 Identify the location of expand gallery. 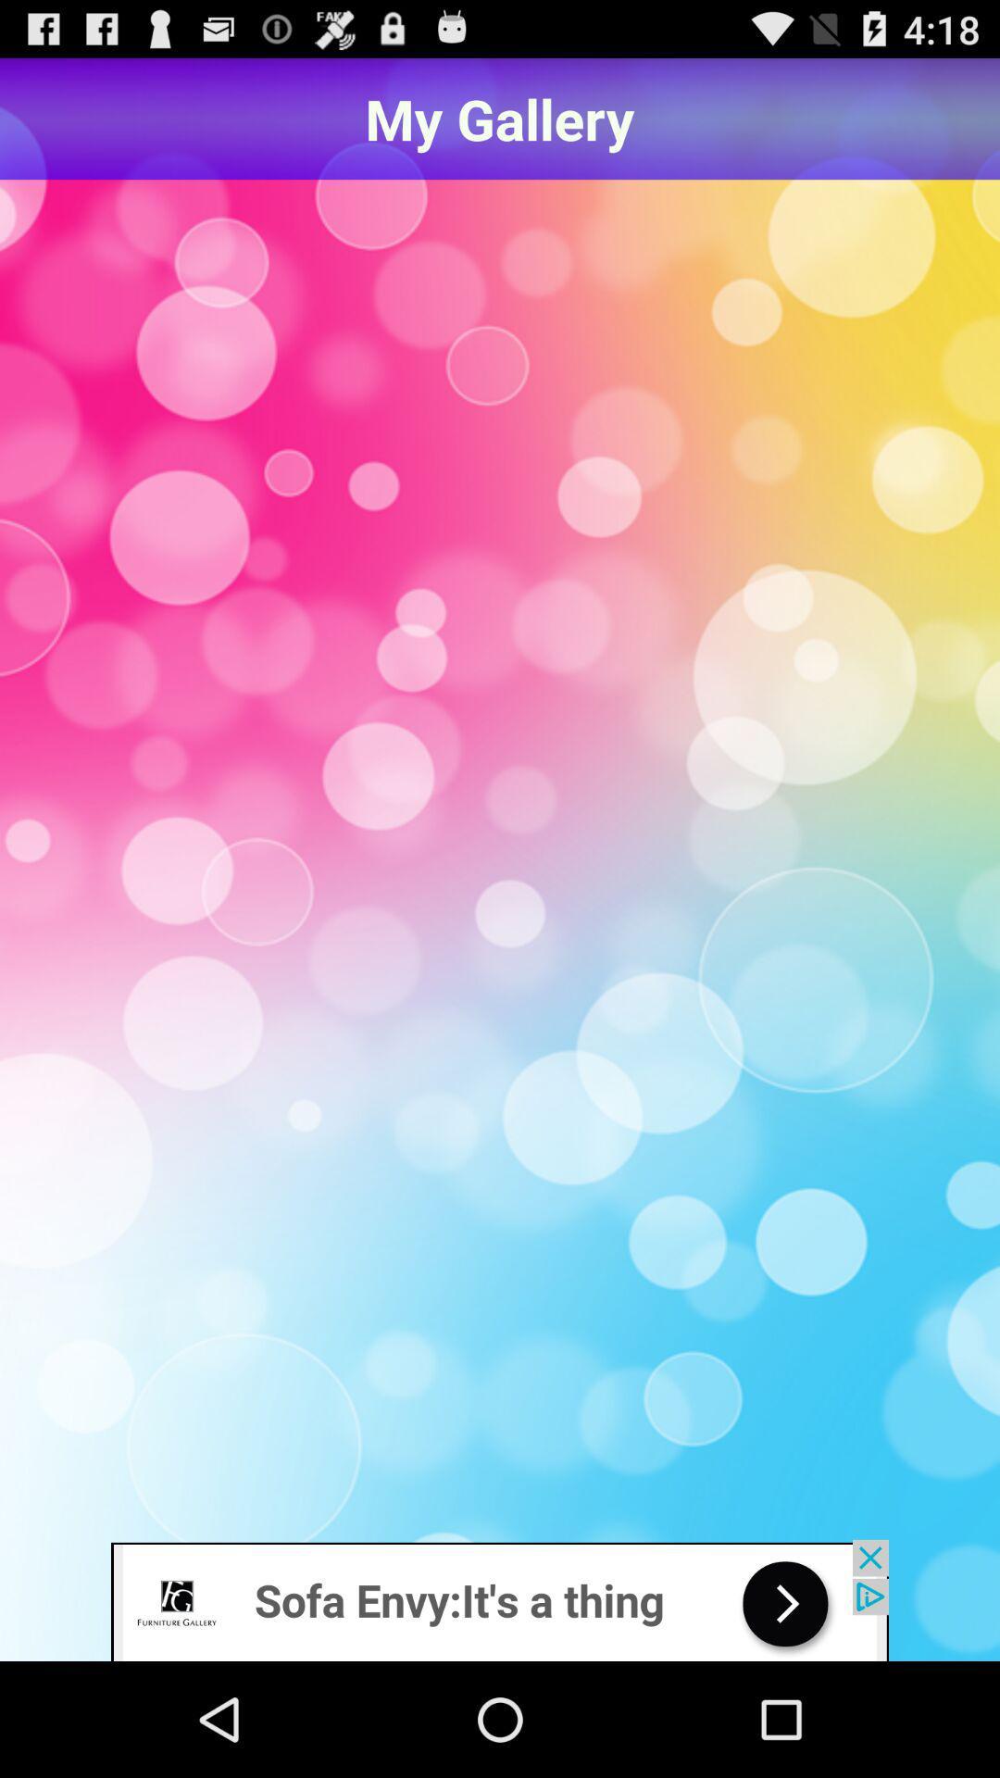
(500, 861).